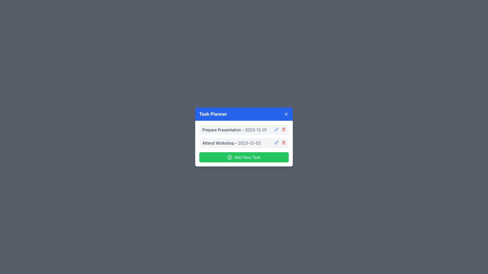 Image resolution: width=488 pixels, height=274 pixels. What do you see at coordinates (244, 144) in the screenshot?
I see `a task entry within the 'Task Planner' modal` at bounding box center [244, 144].